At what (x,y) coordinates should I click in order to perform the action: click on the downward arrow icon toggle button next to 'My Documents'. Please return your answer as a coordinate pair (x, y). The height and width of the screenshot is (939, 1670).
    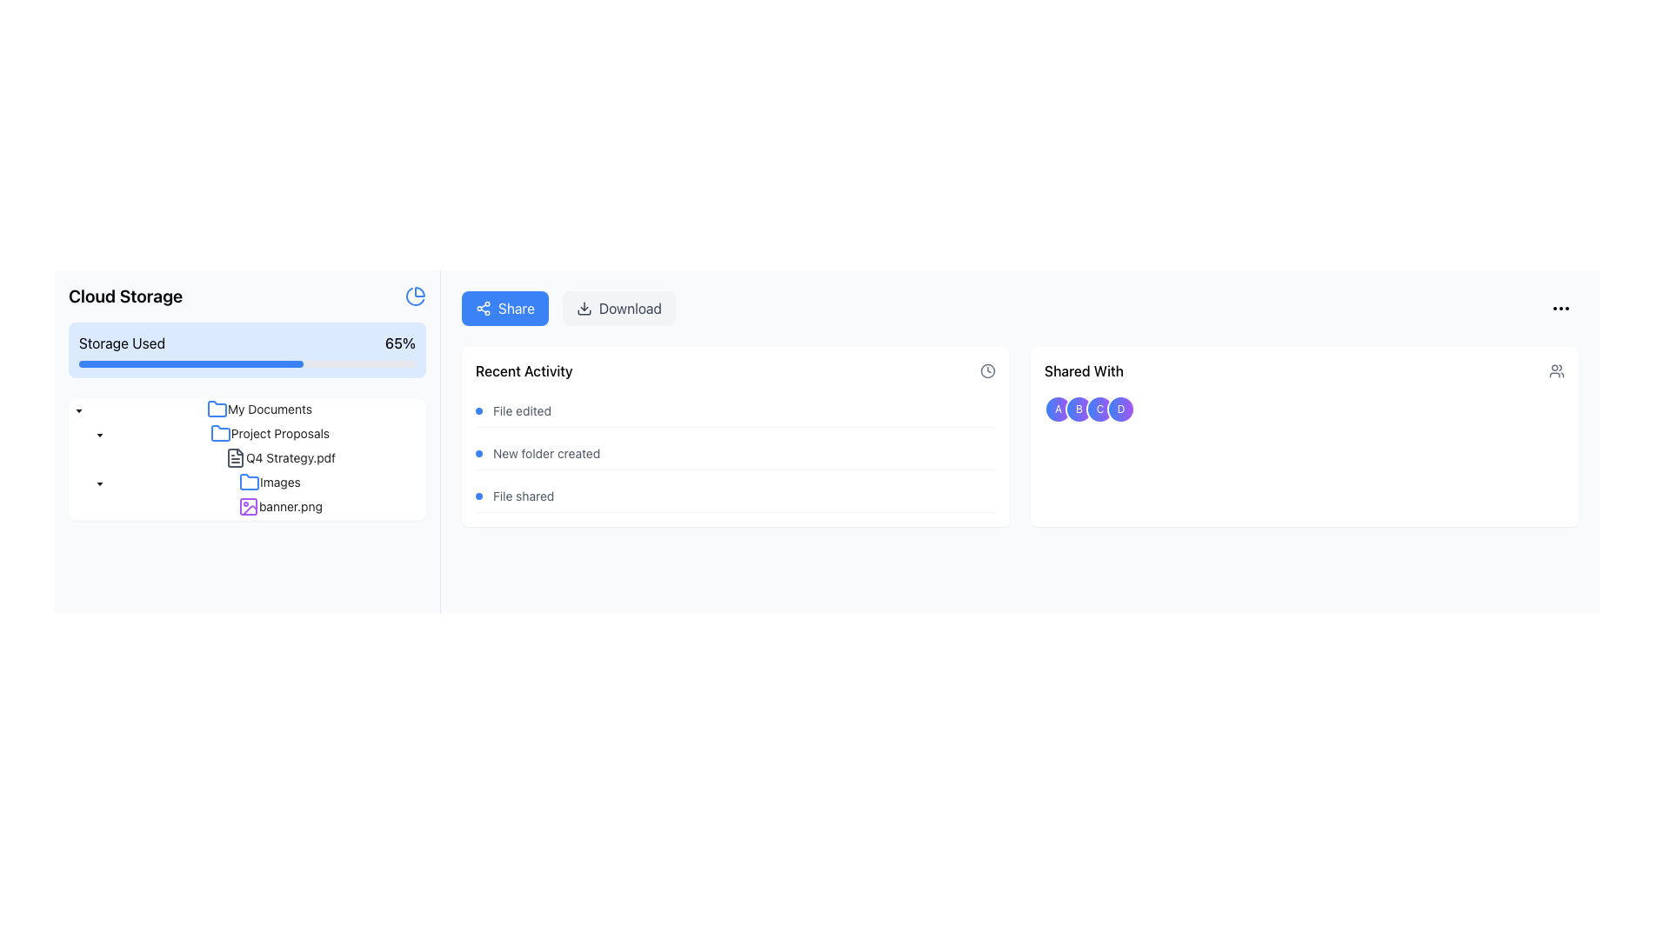
    Looking at the image, I should click on (78, 409).